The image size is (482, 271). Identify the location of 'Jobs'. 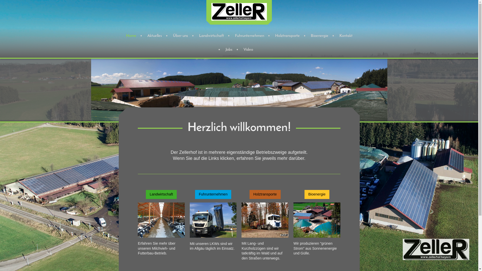
(220, 50).